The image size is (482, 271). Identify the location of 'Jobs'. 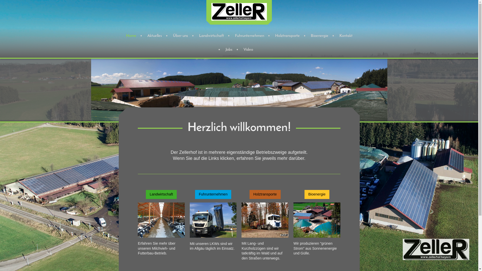
(220, 50).